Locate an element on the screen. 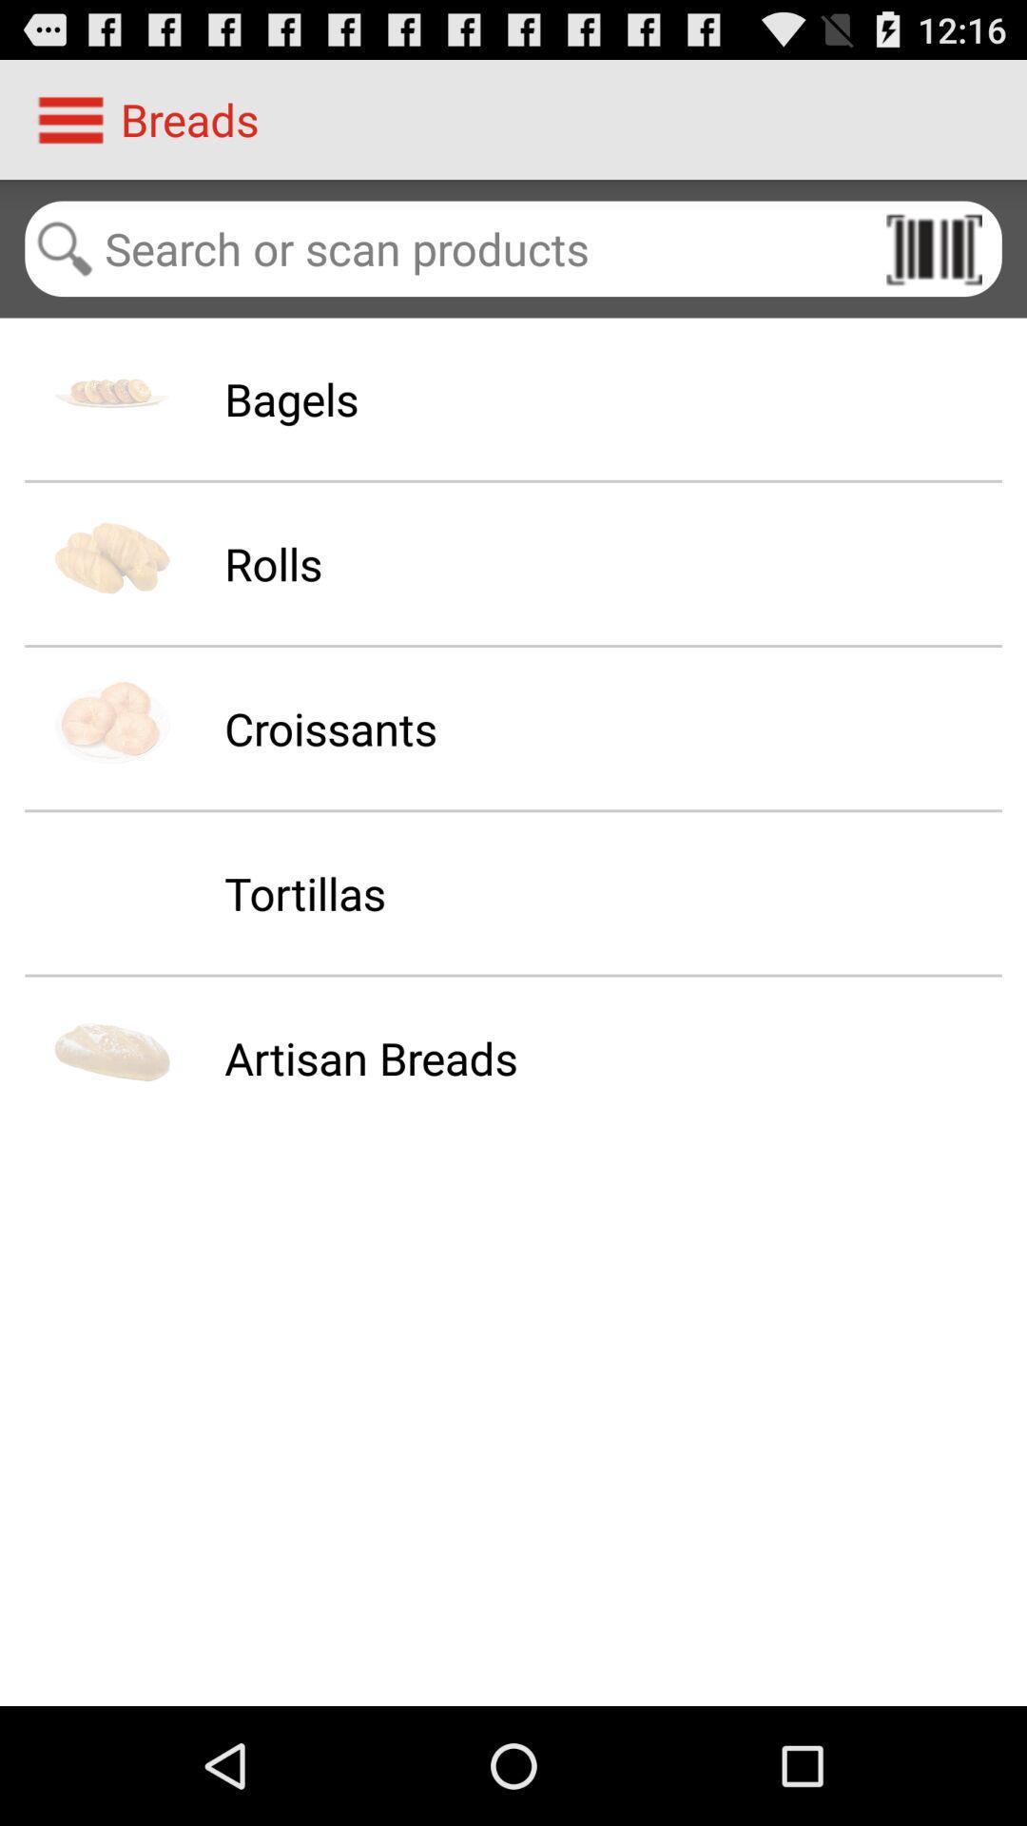  the tortillas icon is located at coordinates (303, 892).